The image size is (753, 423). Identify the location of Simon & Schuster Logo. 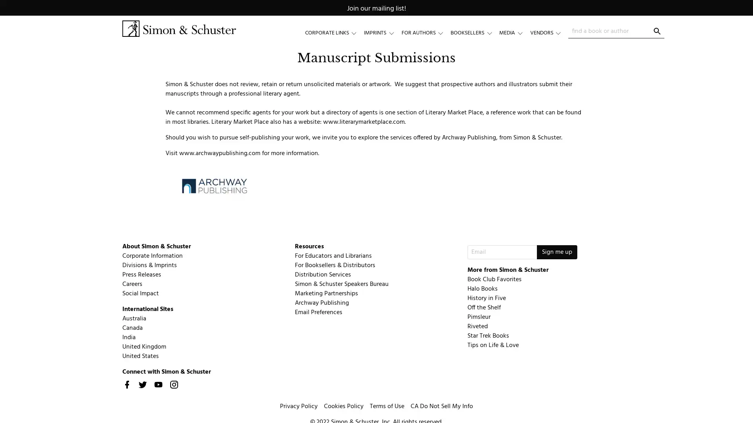
(178, 28).